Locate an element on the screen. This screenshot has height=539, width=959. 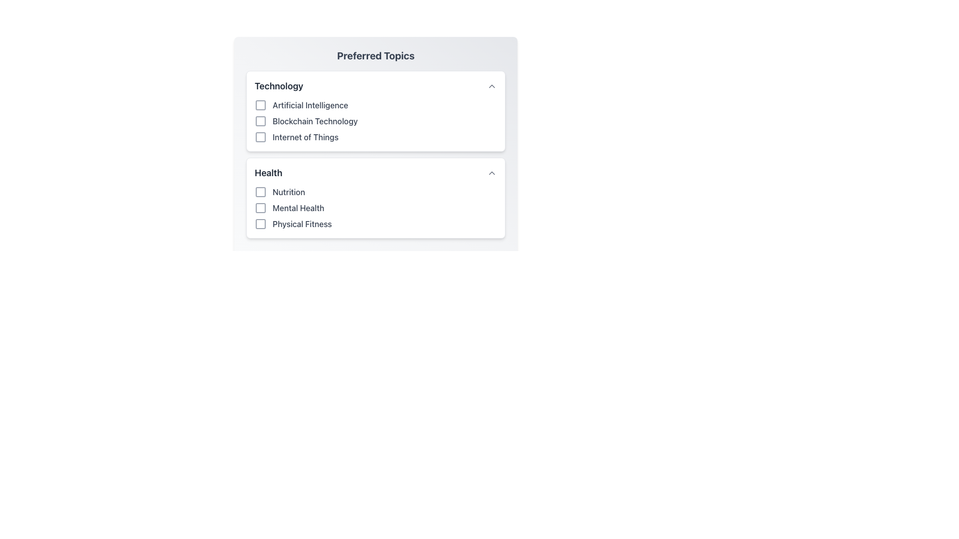
the checkbox element located beside the 'Mental Health' text under the 'Health' section, which has a hollow appearance and rounded corners is located at coordinates (261, 207).